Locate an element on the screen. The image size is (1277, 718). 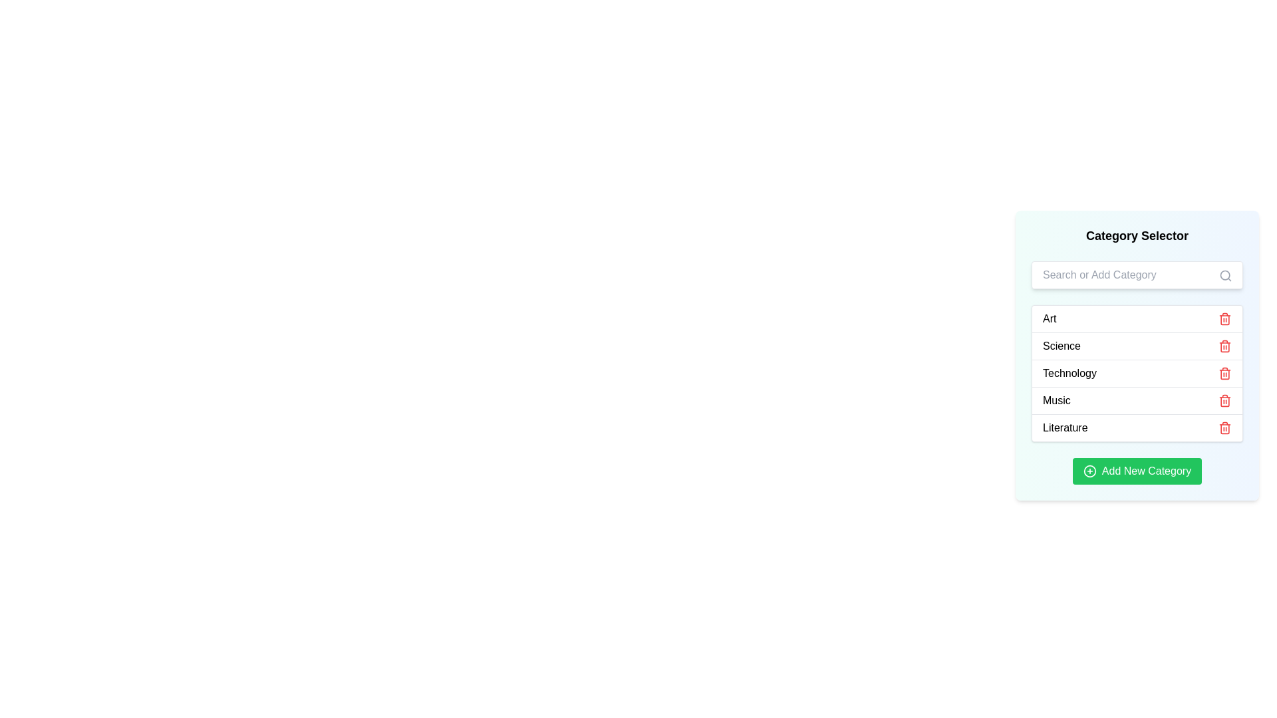
the graphic element of the trash can icon representing the 'Science' category to trigger its delete functionality is located at coordinates (1224, 346).